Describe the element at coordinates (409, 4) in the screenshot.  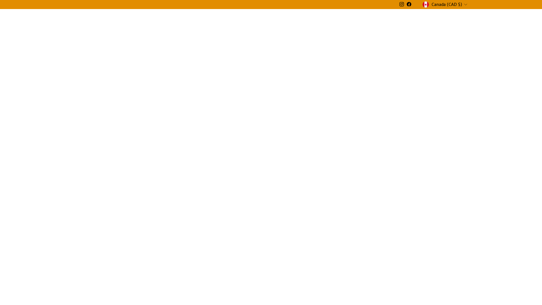
I see `'Facebook'` at that location.